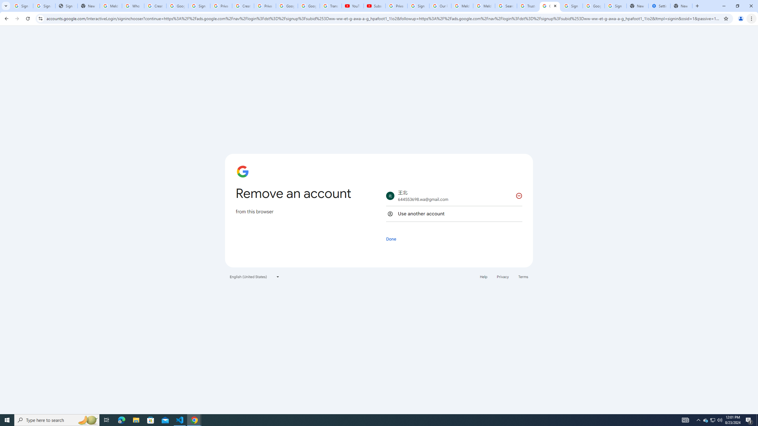  What do you see at coordinates (133, 6) in the screenshot?
I see `'Who is my administrator? - Google Account Help'` at bounding box center [133, 6].